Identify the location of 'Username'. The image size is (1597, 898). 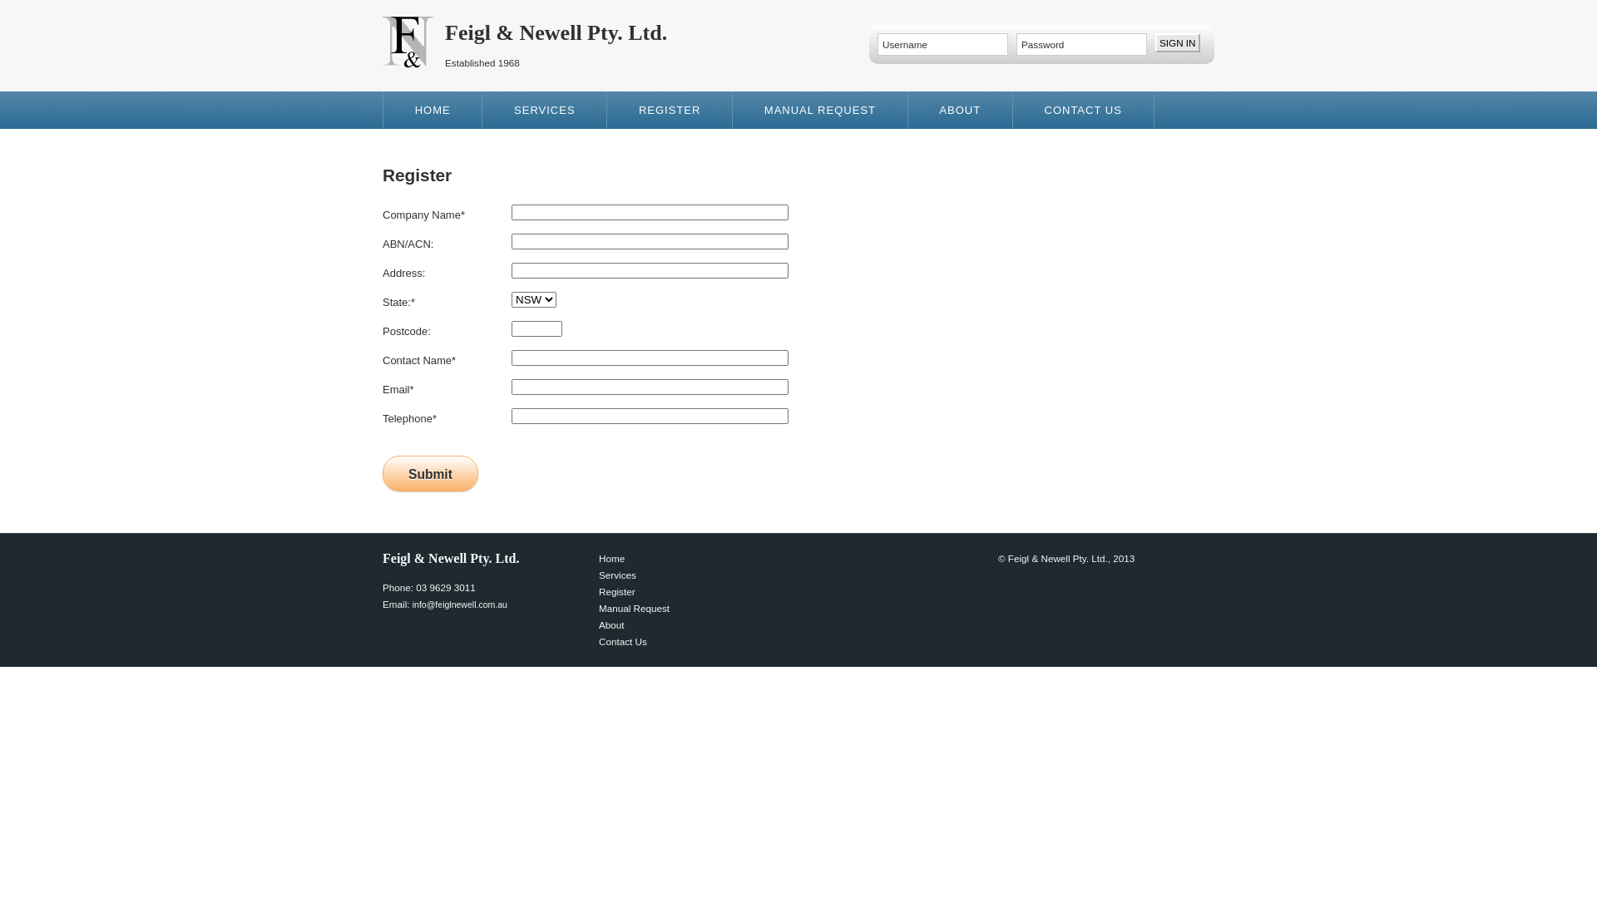
(877, 43).